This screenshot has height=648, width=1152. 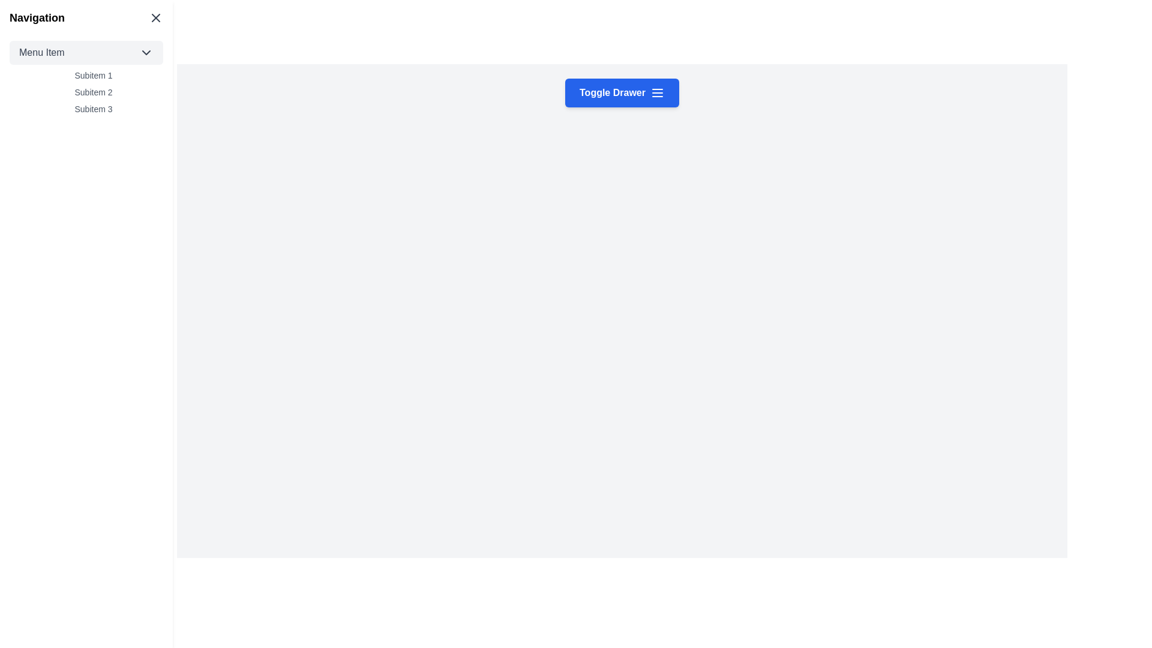 I want to click on the Text Label for 'Subitem 2', which is the second item in the navigation panel on the left side of the interface, so click(x=93, y=92).